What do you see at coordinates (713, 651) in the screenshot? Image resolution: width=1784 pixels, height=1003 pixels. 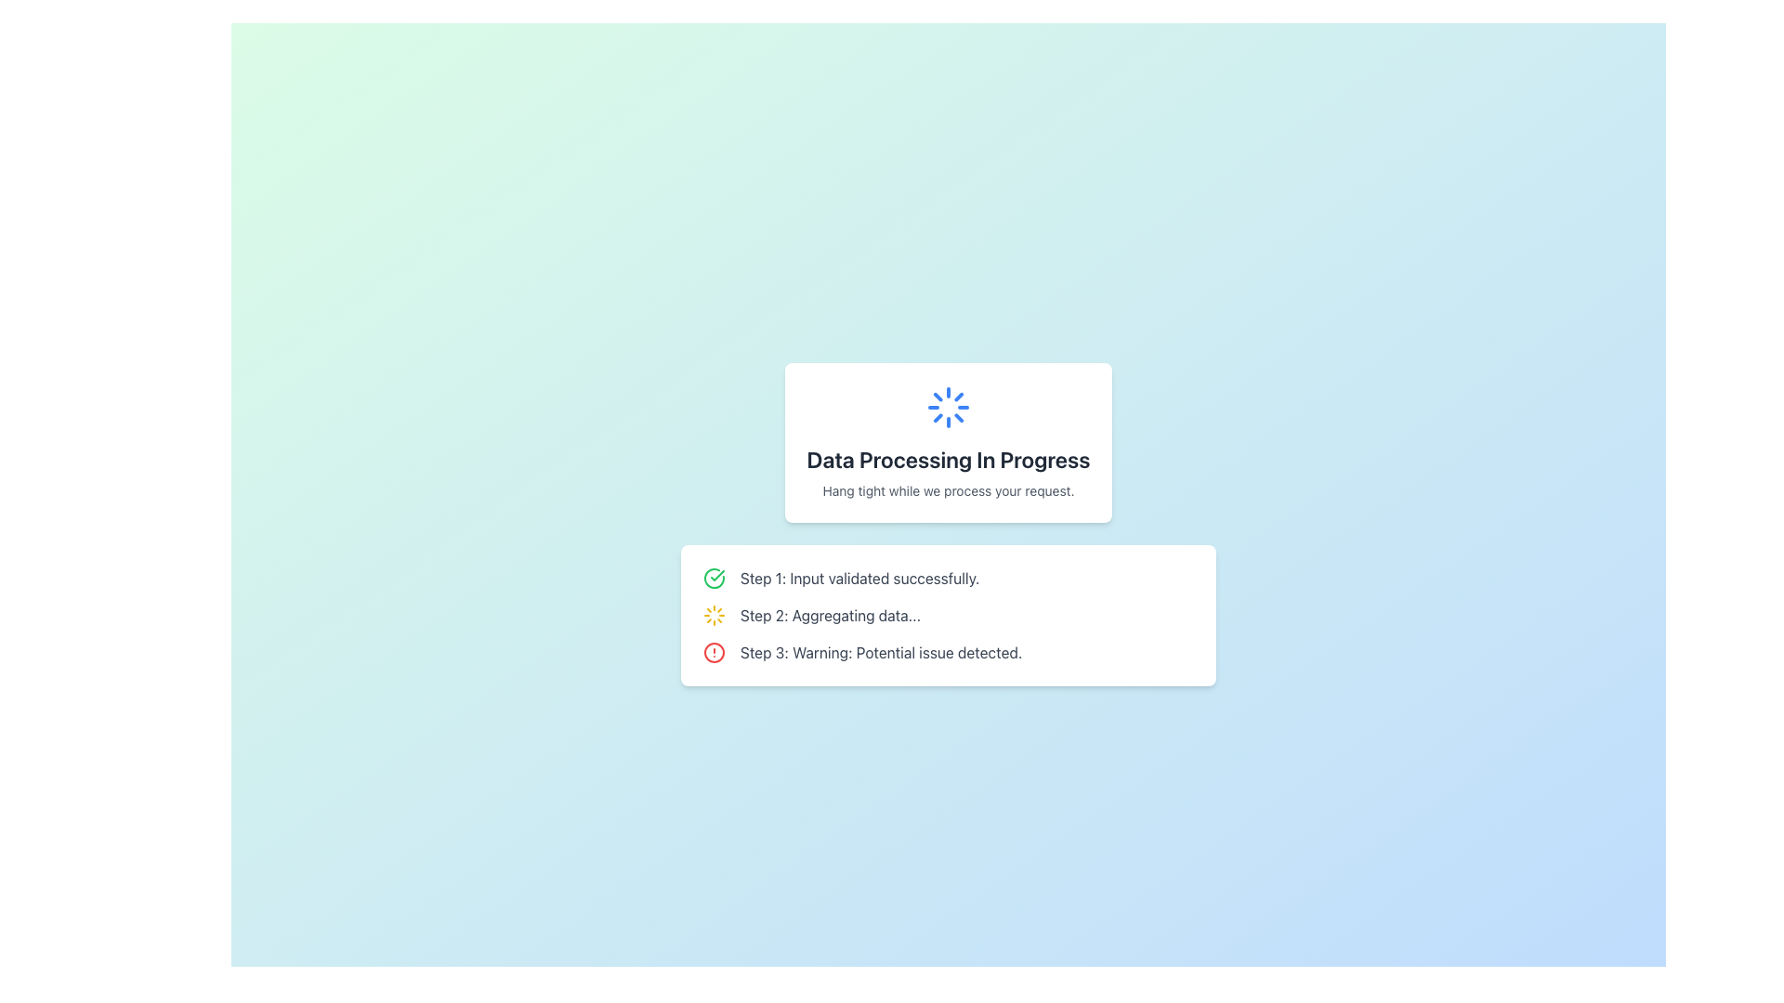 I see `the red circular SVG element that is part of the alert icon, positioned centrally in the interface alongside the text 'Step 3: Warning: Potential issue detected.'` at bounding box center [713, 651].